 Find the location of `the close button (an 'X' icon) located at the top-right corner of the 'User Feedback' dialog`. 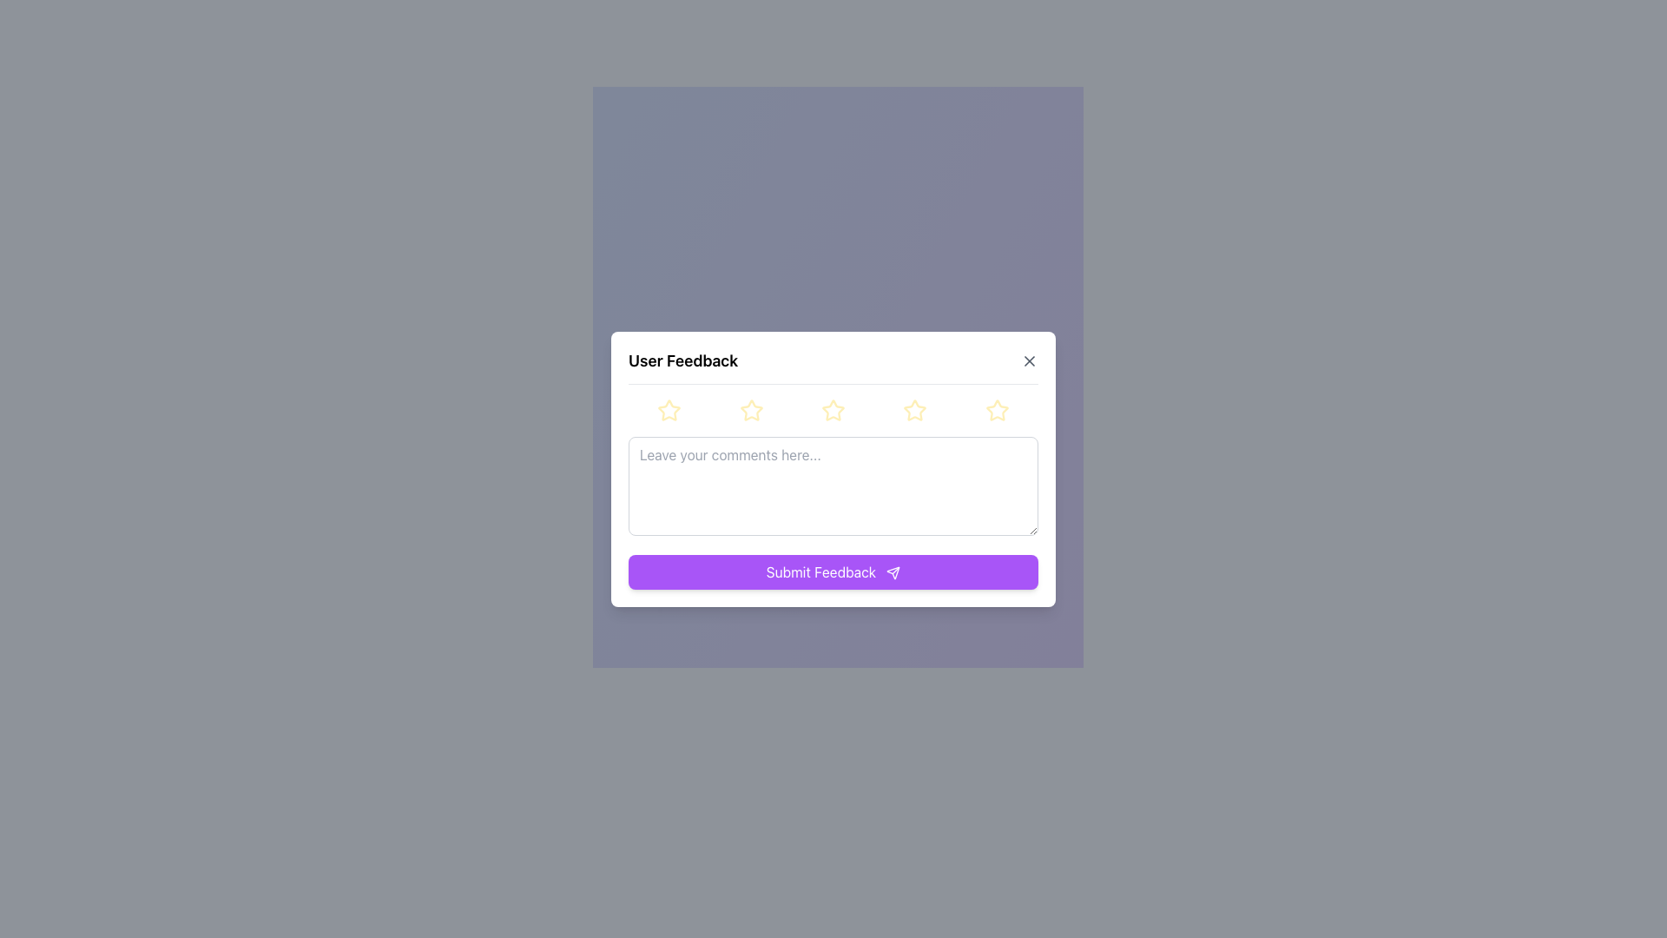

the close button (an 'X' icon) located at the top-right corner of the 'User Feedback' dialog is located at coordinates (1029, 360).